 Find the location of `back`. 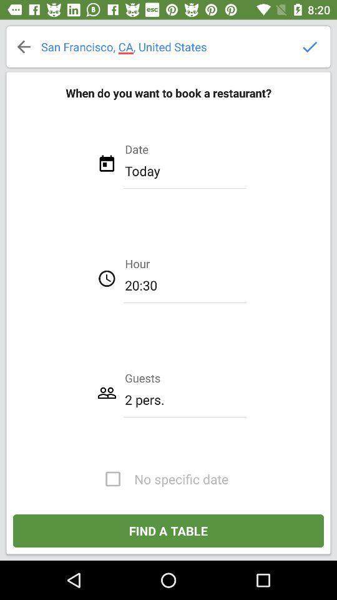

back is located at coordinates (24, 46).